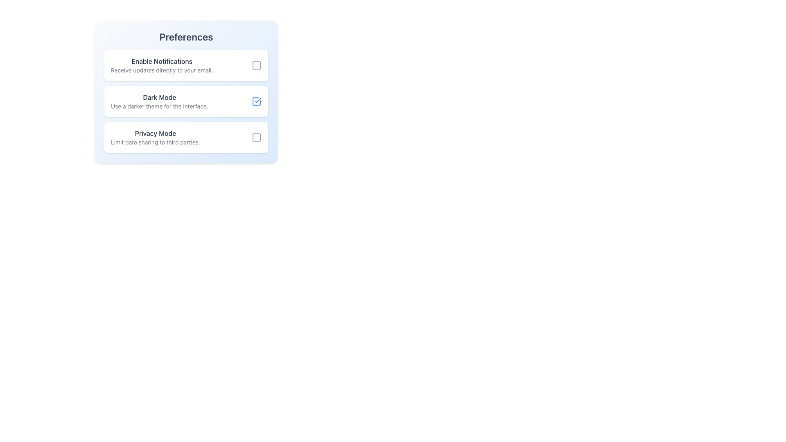  What do you see at coordinates (256, 65) in the screenshot?
I see `the Square icon associated with the 'Enable Notifications' checkbox to interact with the toggle interface` at bounding box center [256, 65].